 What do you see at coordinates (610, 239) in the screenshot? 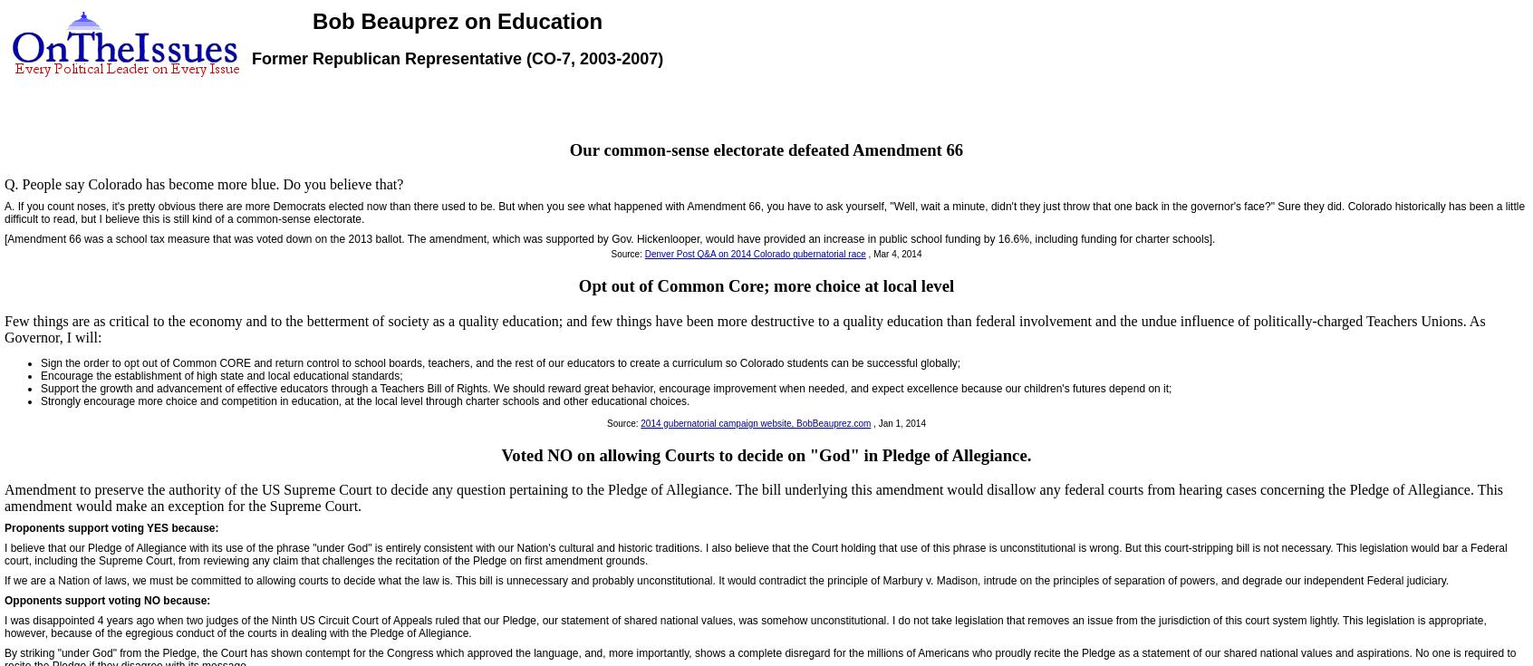
I see `'[Amendment 66 was a school tax measure that was voted down on the 2013 ballot. The amendment, which was supported by
Gov. Hickenlooper, would have provided an increase in public school funding by 16.6%, including funding for charter schools].'` at bounding box center [610, 239].